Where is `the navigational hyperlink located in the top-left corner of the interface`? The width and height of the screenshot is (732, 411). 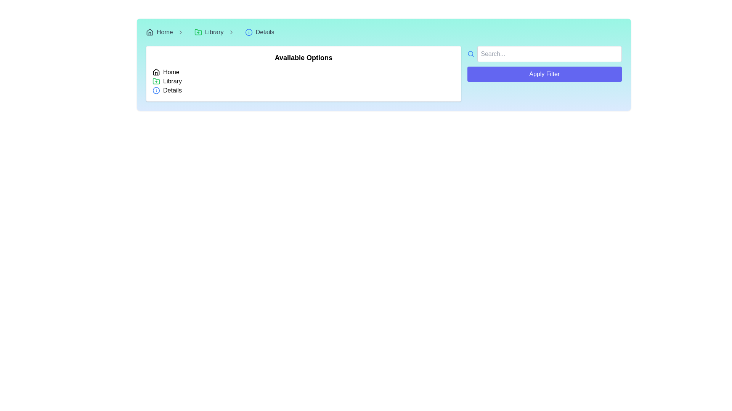 the navigational hyperlink located in the top-left corner of the interface is located at coordinates (159, 32).